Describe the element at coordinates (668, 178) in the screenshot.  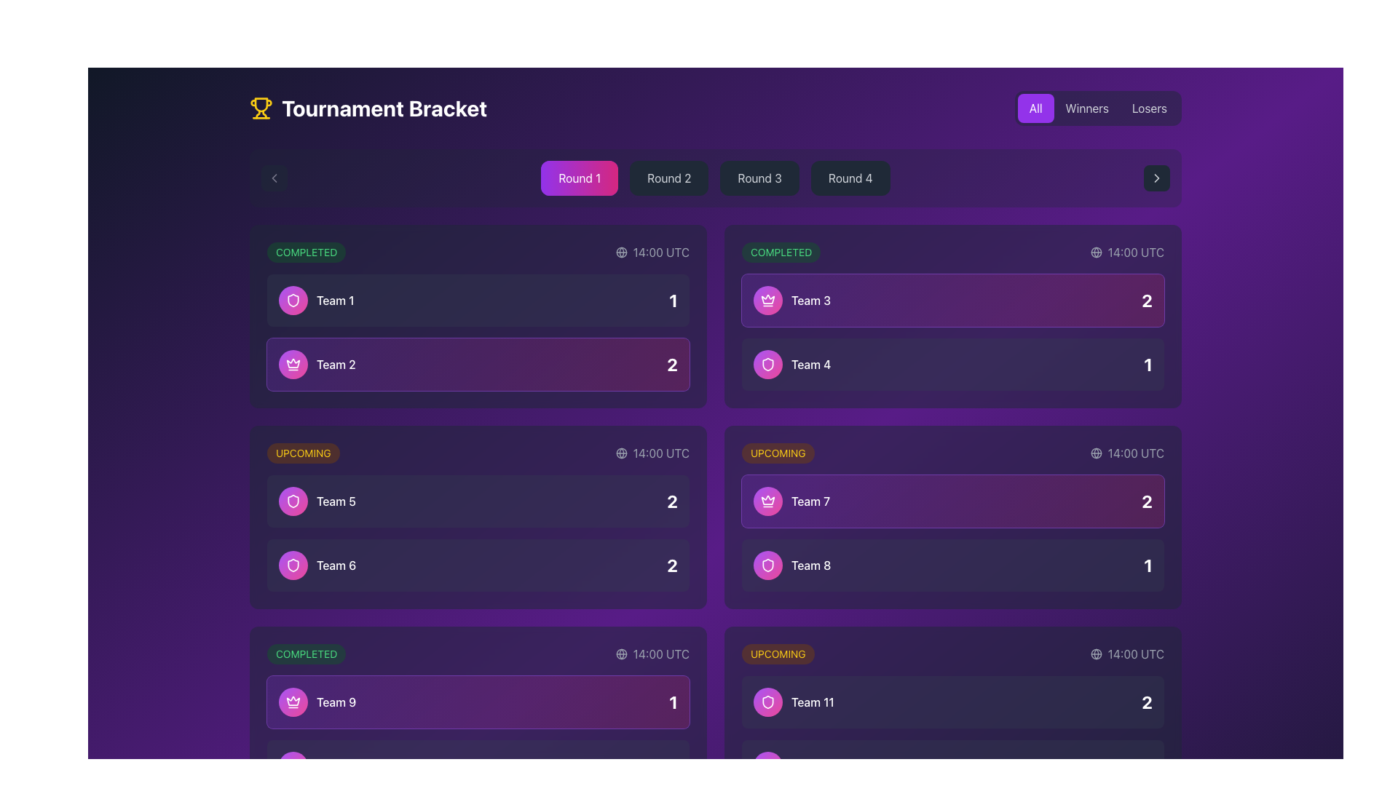
I see `the 'Round 2' button, which is a rectangular button with rounded corners, featuring light gray text on a dark gray background` at that location.